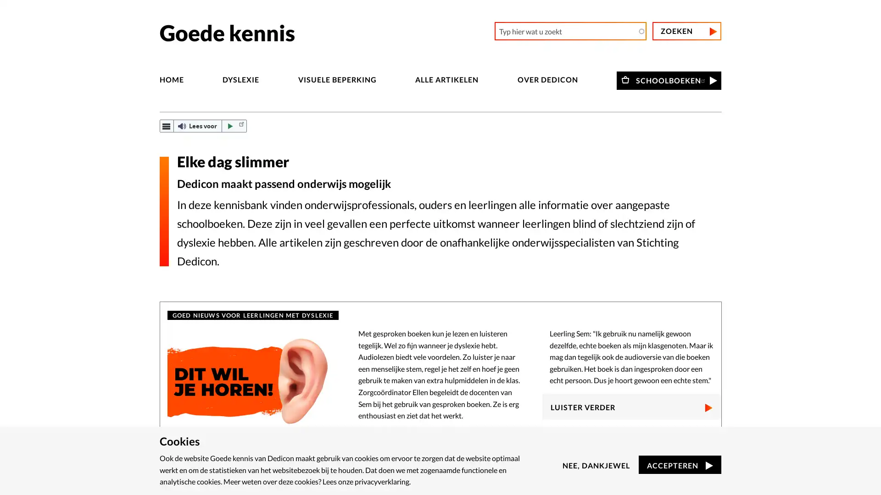  Describe the element at coordinates (202, 126) in the screenshot. I see `ReadSpeaker webReader: Luister met webReader` at that location.